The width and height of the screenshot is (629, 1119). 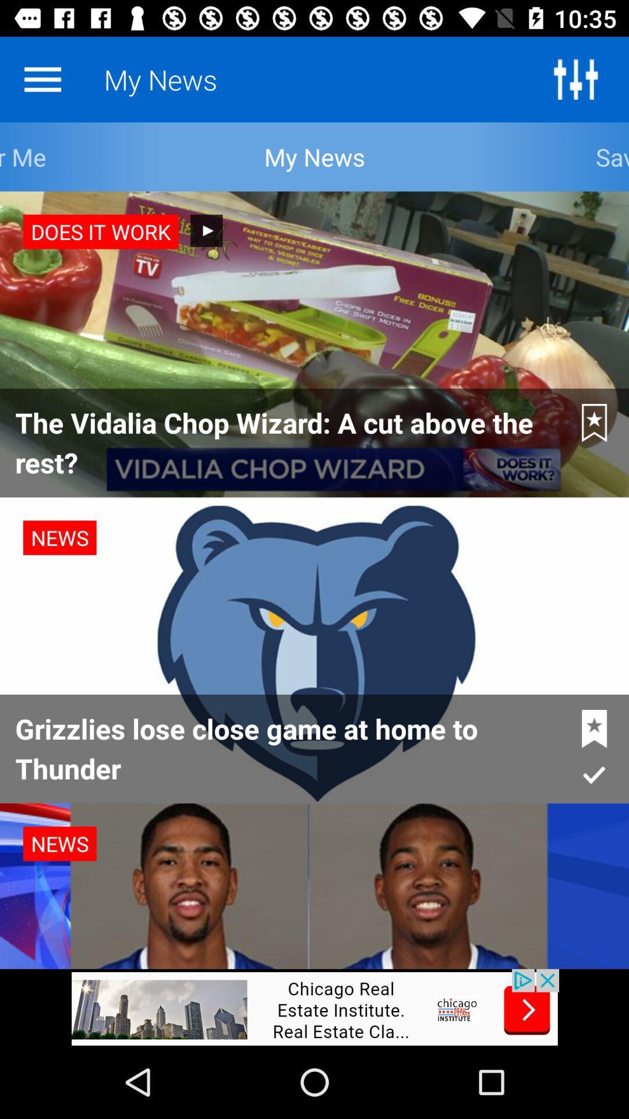 I want to click on the star icon which is beside game at home to thunder, so click(x=595, y=729).